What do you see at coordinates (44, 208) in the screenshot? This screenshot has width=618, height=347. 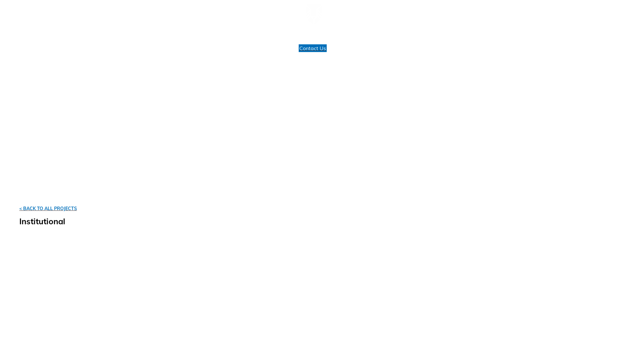 I see `'< BACK TO ALL PROJECTS'` at bounding box center [44, 208].